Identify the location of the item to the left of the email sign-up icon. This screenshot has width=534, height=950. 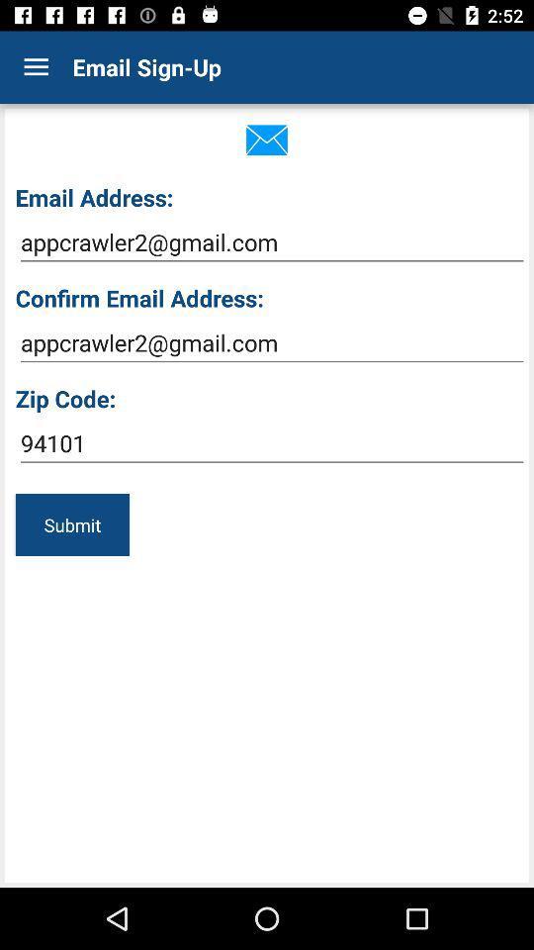
(36, 67).